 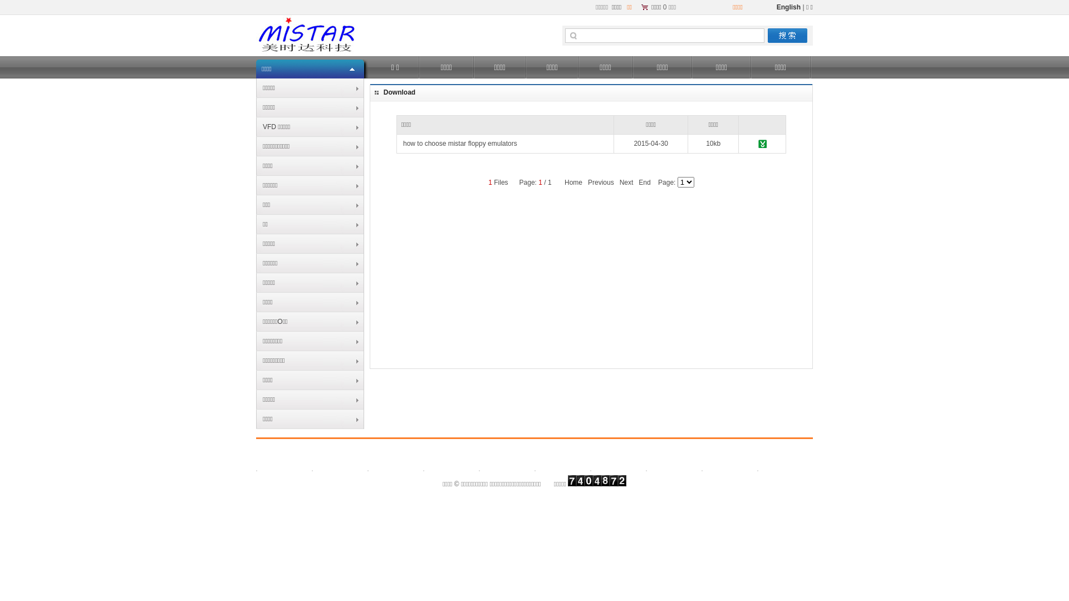 I want to click on 'English', so click(x=788, y=7).